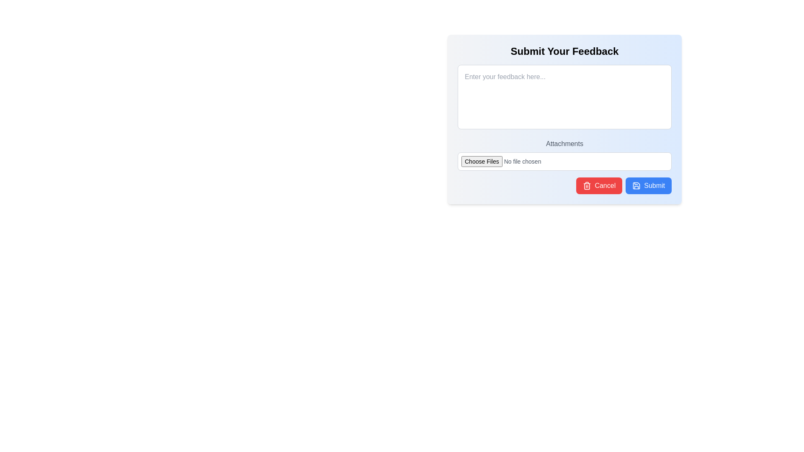 Image resolution: width=804 pixels, height=452 pixels. Describe the element at coordinates (587, 185) in the screenshot. I see `the cancel icon located on the left side of the red 'Cancel' button at the bottom-left corner of the feedback submission form` at that location.